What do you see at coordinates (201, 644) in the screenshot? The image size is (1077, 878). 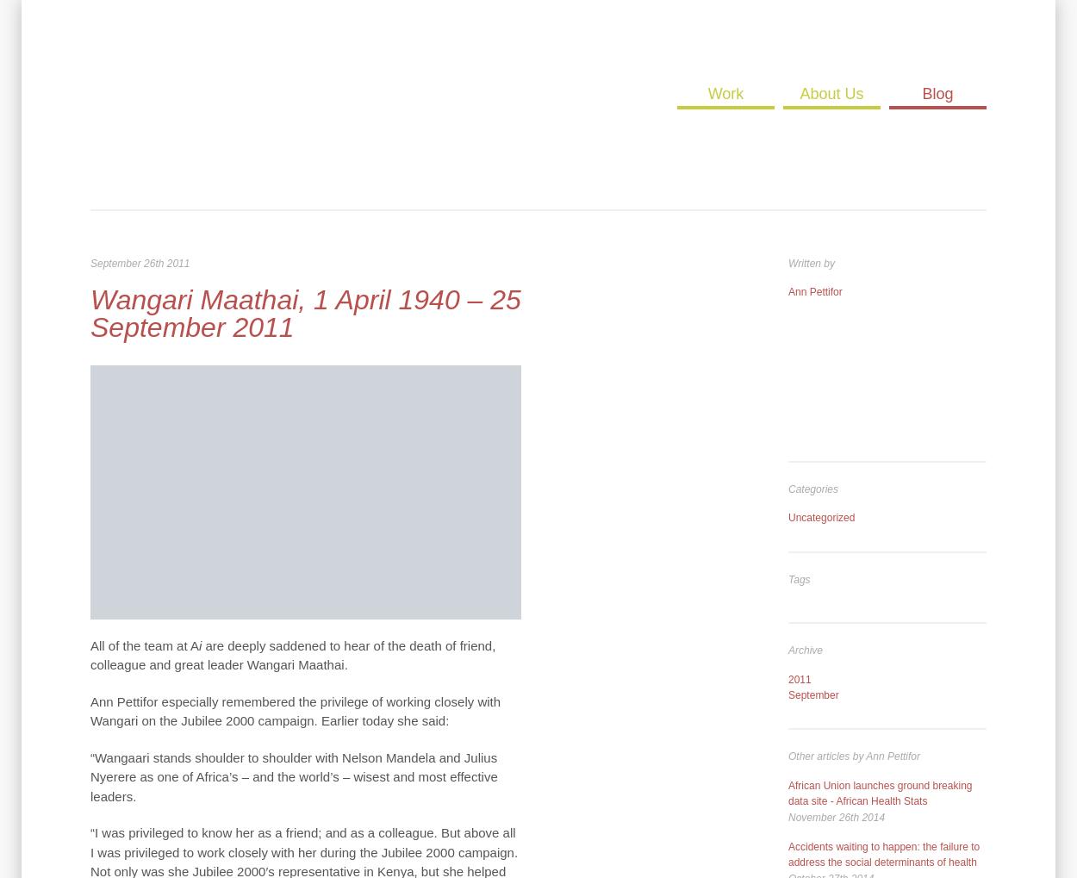 I see `'i'` at bounding box center [201, 644].